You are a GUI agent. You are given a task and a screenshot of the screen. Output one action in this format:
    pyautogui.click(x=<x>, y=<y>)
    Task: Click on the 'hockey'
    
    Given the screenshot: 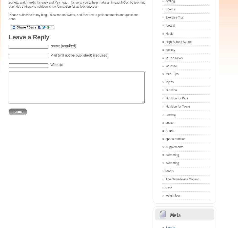 What is the action you would take?
    pyautogui.click(x=170, y=49)
    